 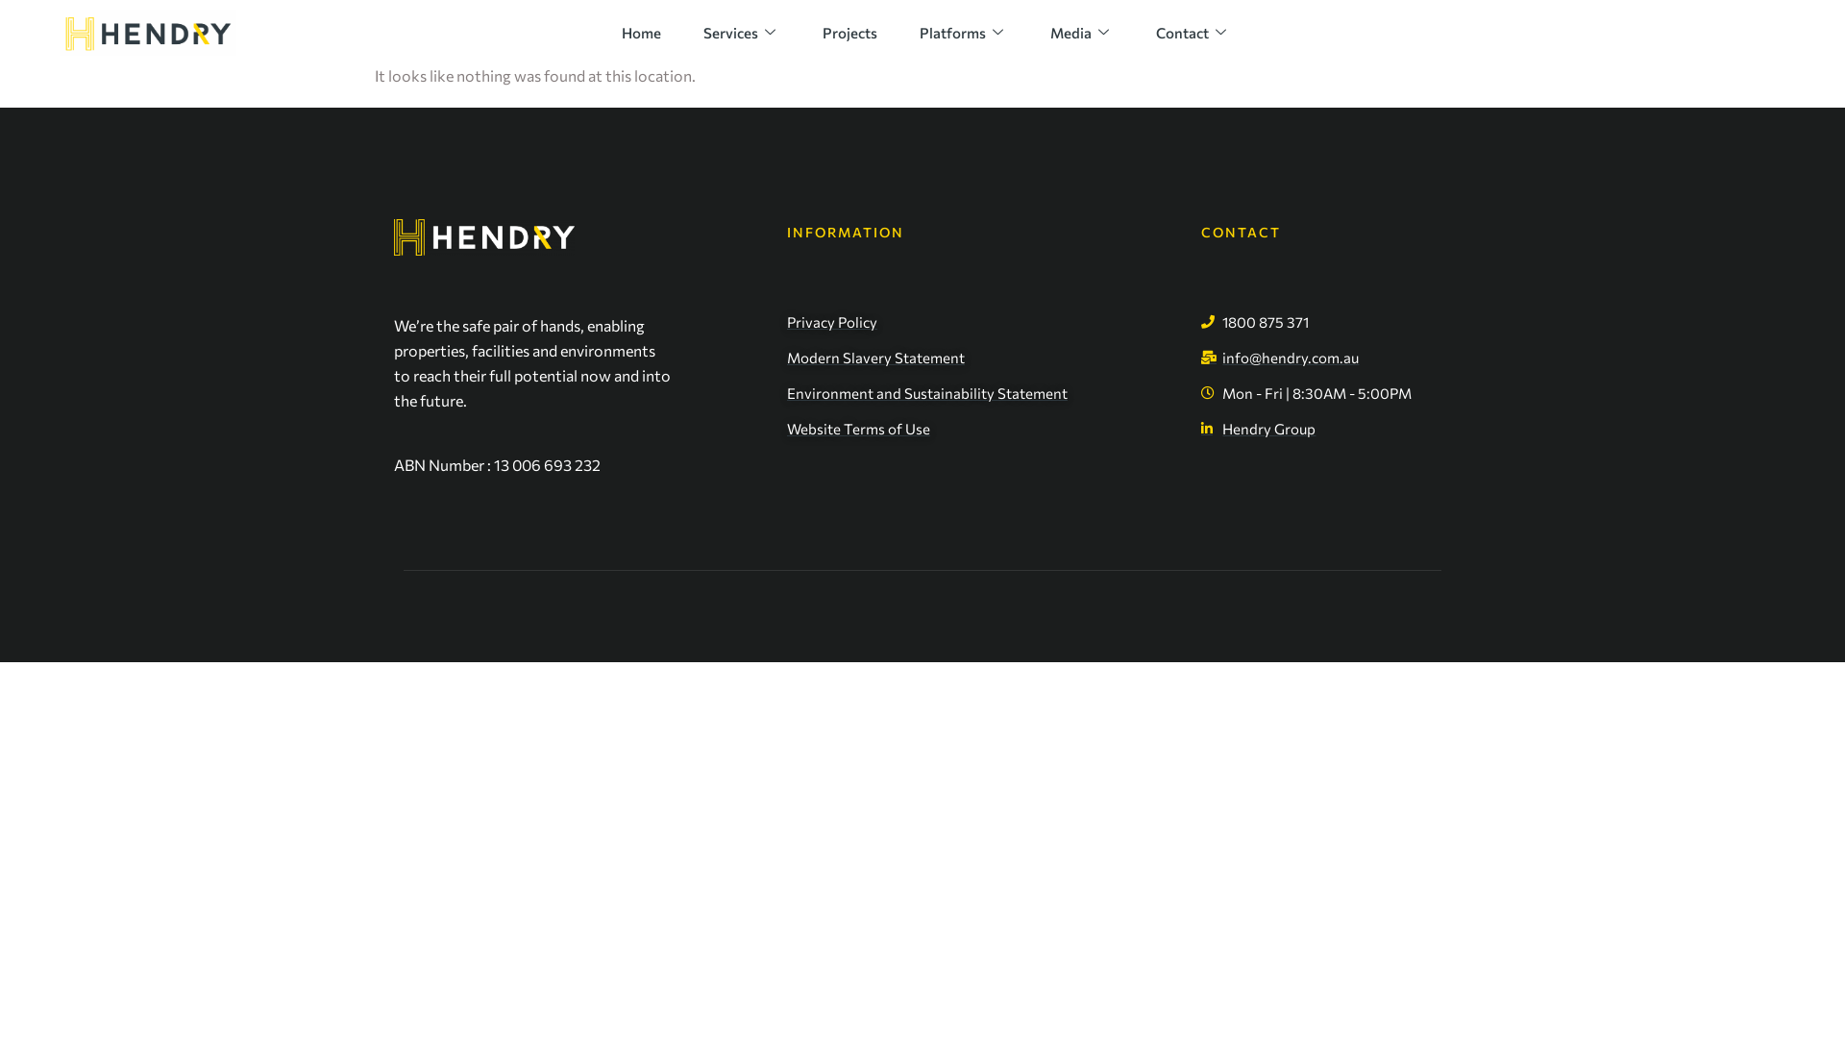 What do you see at coordinates (964, 32) in the screenshot?
I see `'Platforms'` at bounding box center [964, 32].